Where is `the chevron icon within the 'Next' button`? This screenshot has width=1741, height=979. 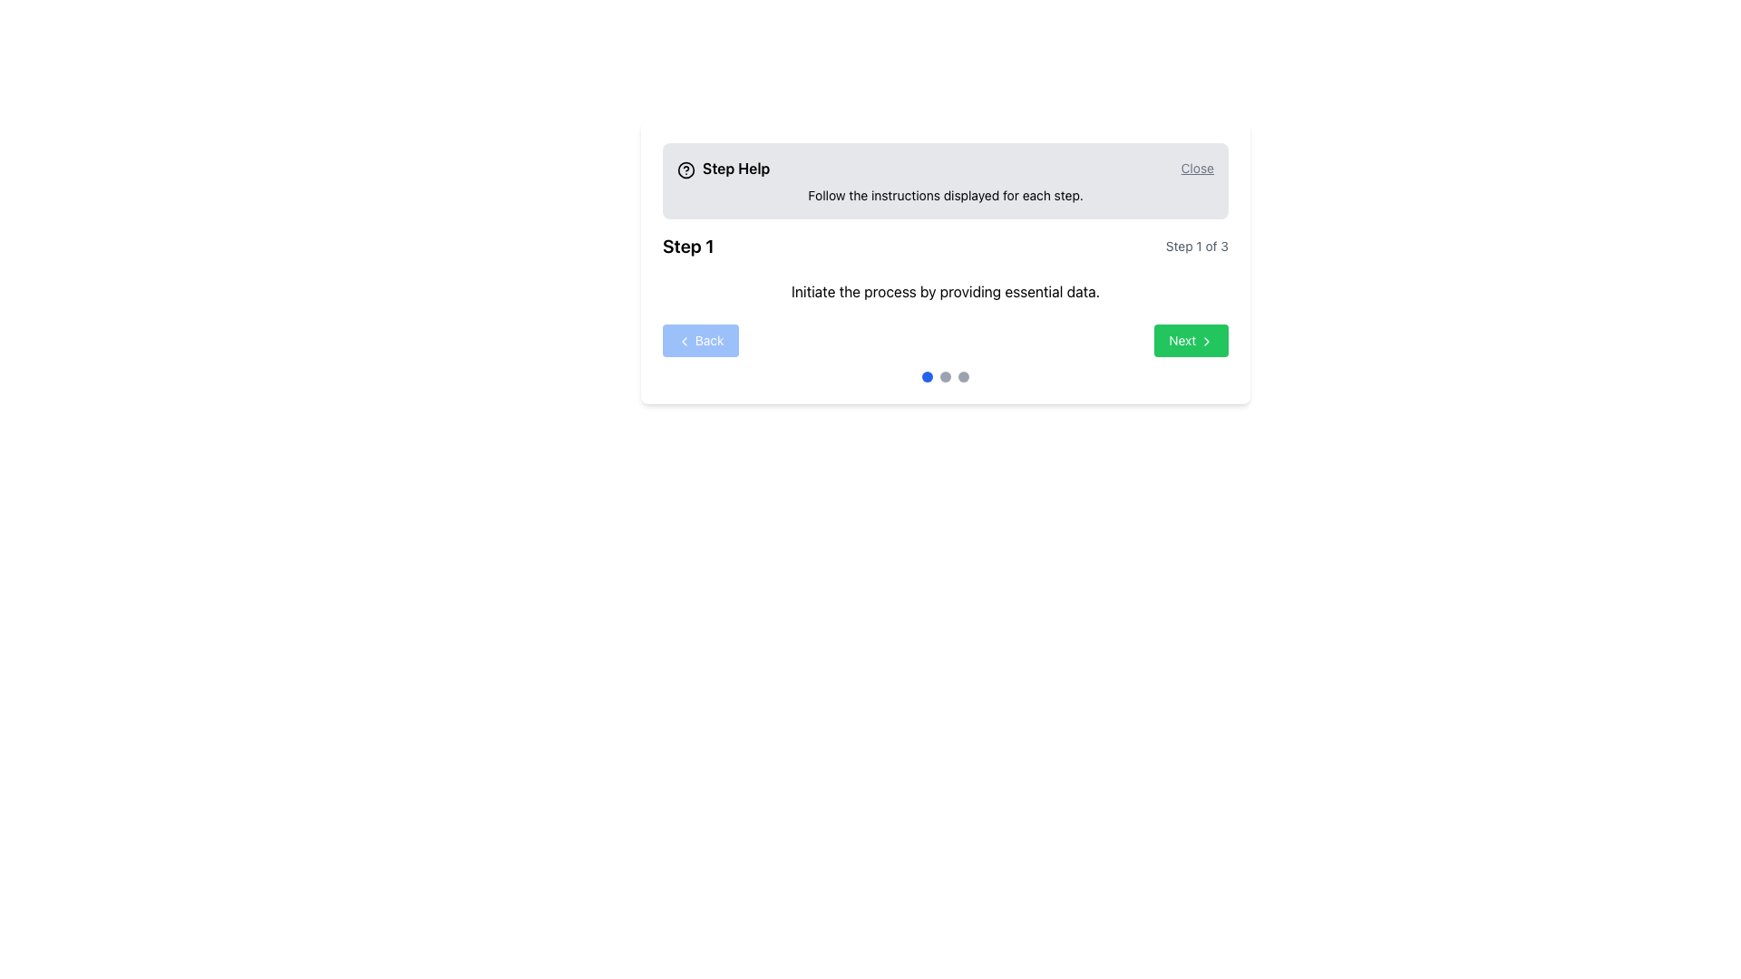 the chevron icon within the 'Next' button is located at coordinates (1206, 342).